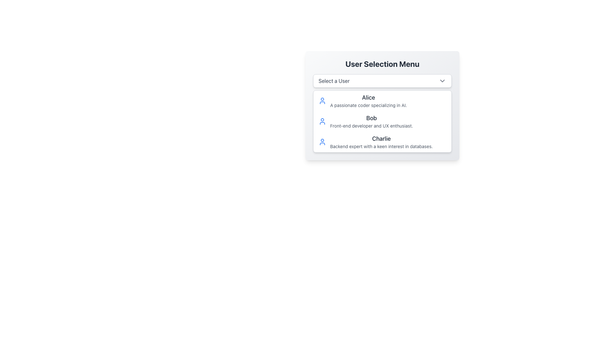 Image resolution: width=616 pixels, height=347 pixels. Describe the element at coordinates (368, 105) in the screenshot. I see `descriptive information text element that displays 'A passionate coder specializing in AI.' located beneath the username 'Alice' in the user selection menu` at that location.